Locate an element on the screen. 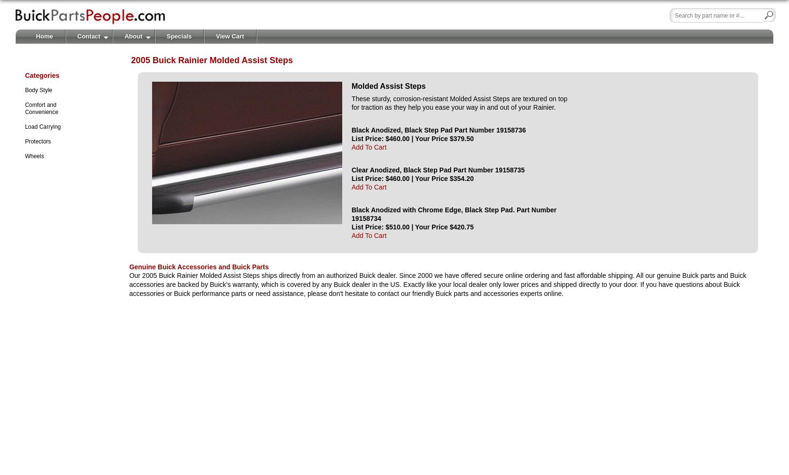 This screenshot has width=789, height=475. 'List Price: $460.00 | Your Price $354.20' is located at coordinates (351, 178).